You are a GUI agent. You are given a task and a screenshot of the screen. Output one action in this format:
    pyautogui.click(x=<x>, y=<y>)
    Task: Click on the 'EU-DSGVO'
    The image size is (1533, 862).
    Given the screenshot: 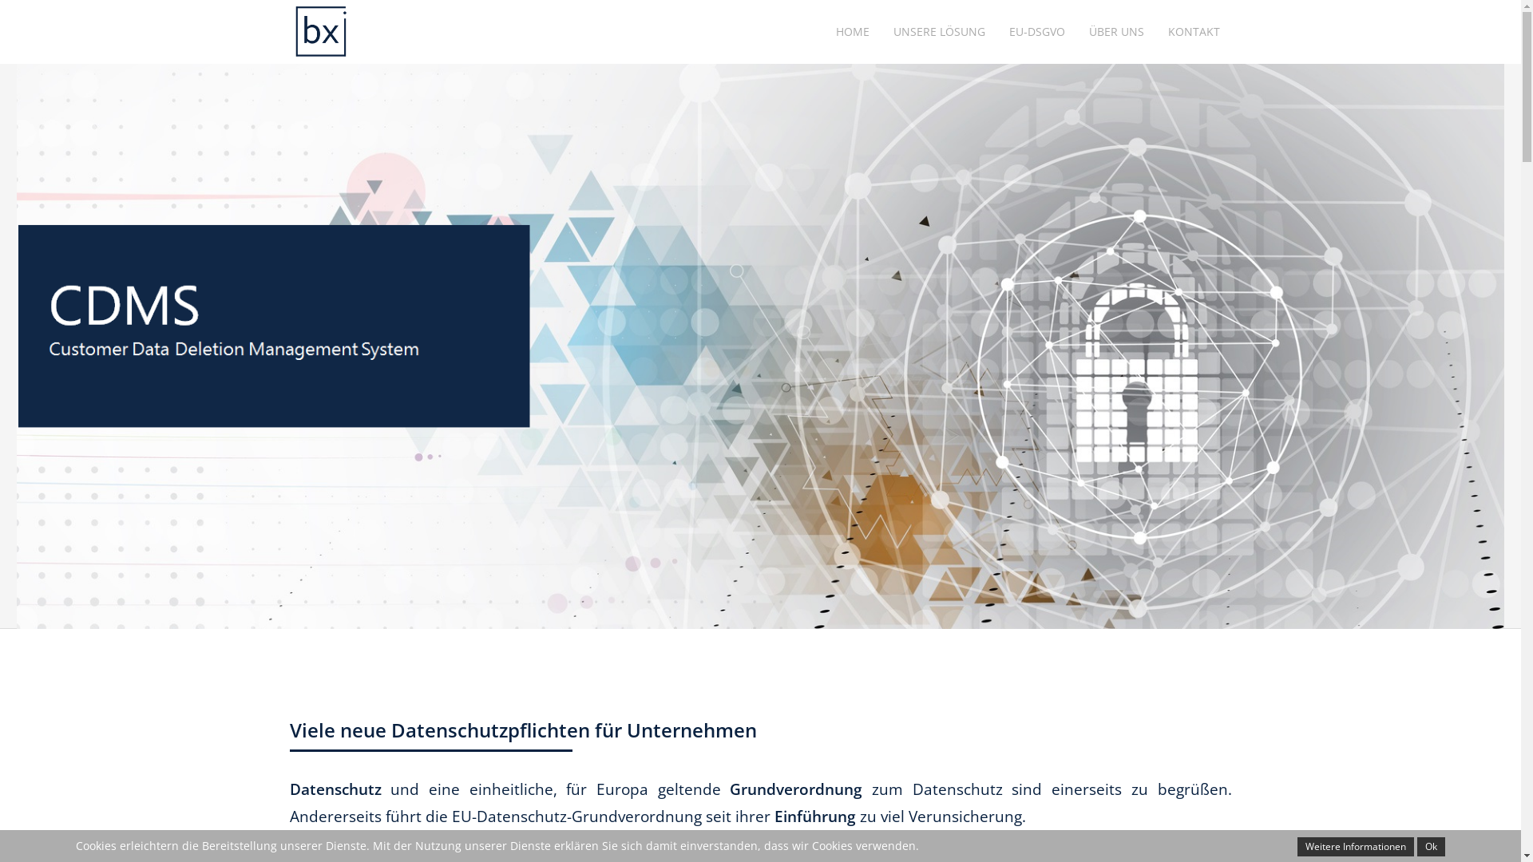 What is the action you would take?
    pyautogui.click(x=996, y=31)
    